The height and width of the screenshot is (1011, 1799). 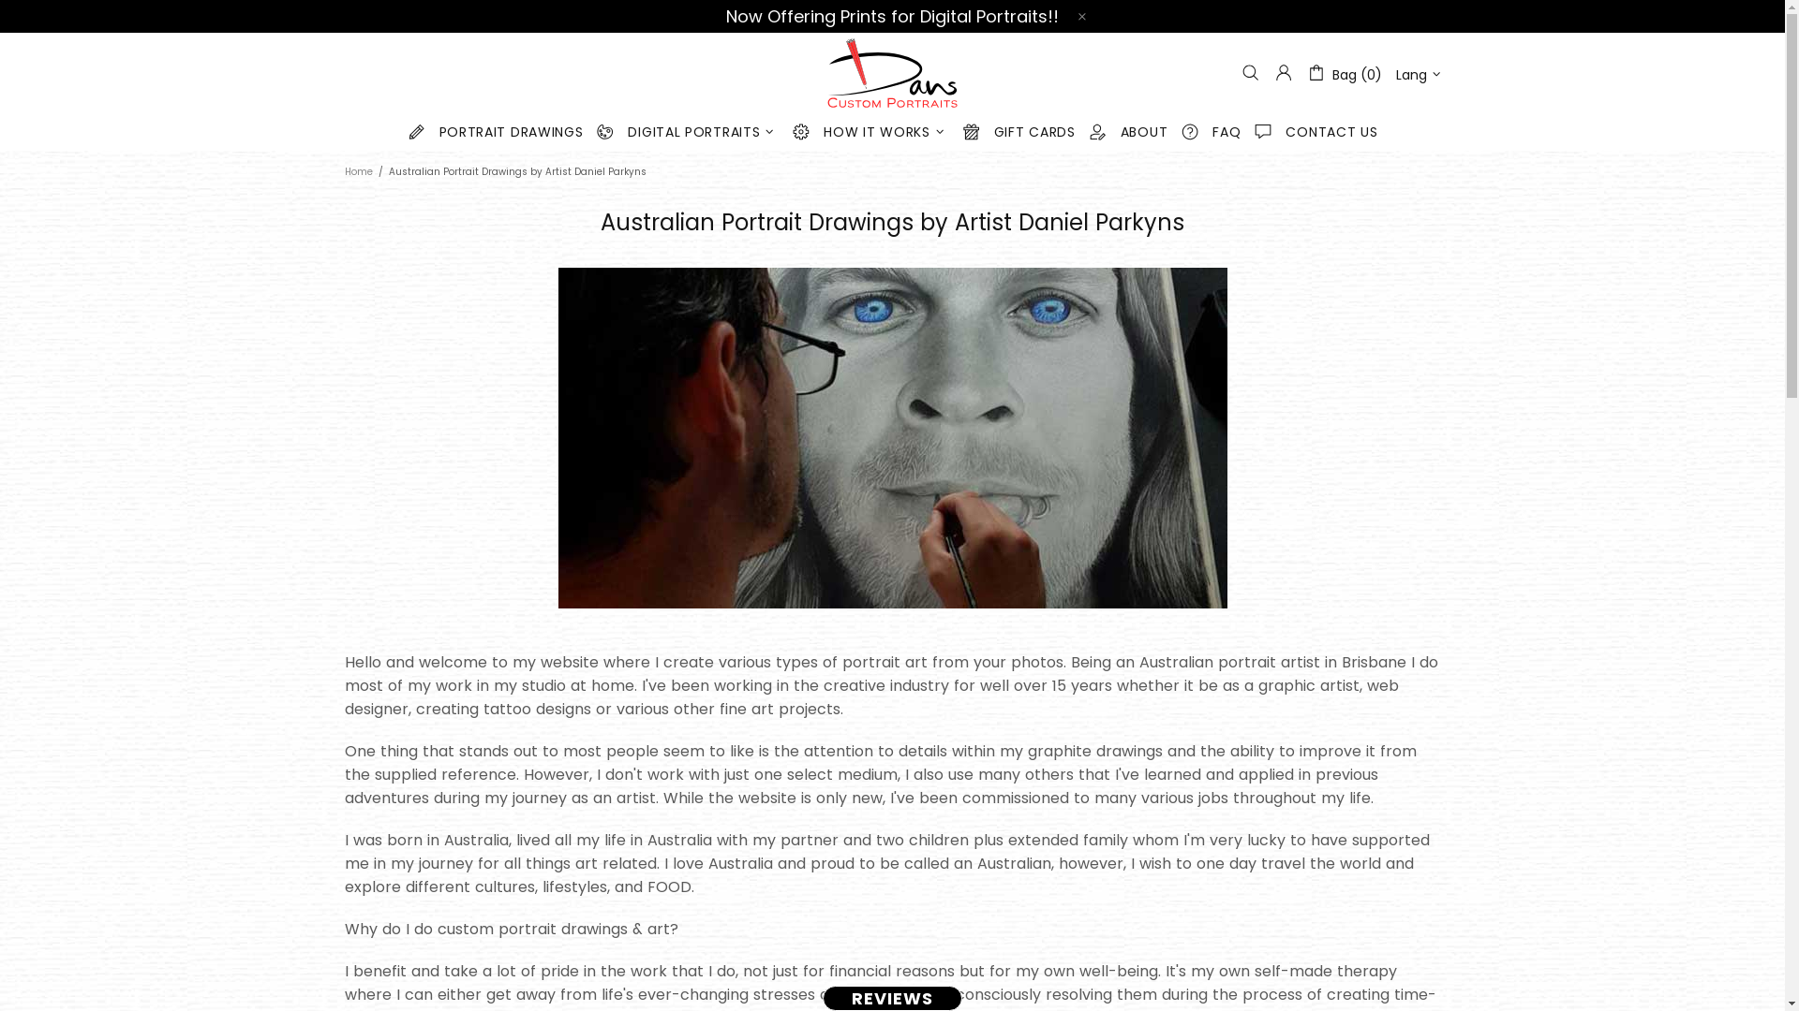 What do you see at coordinates (1127, 131) in the screenshot?
I see `'ABOUT'` at bounding box center [1127, 131].